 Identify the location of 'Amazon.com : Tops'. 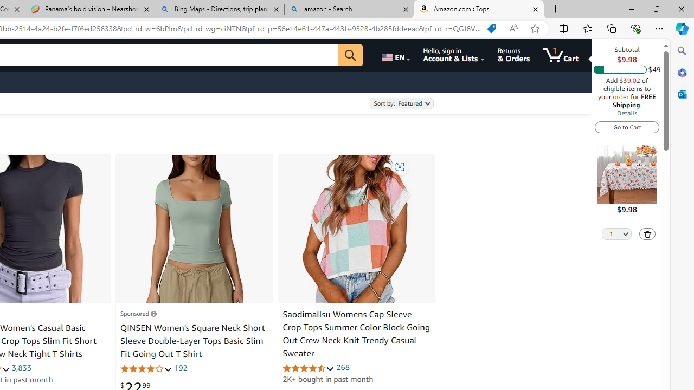
(478, 9).